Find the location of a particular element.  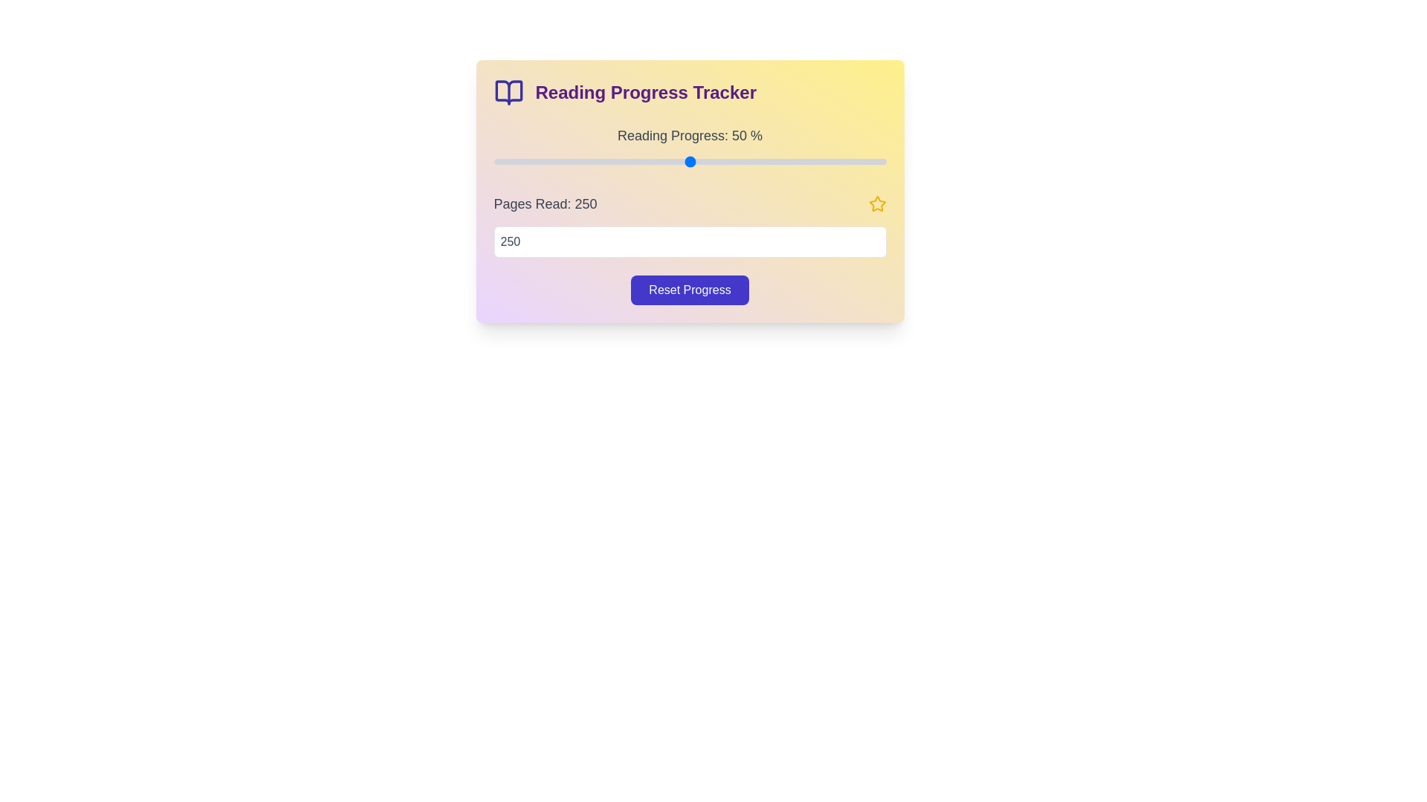

the reading progress to 6% by adjusting the slider is located at coordinates (517, 162).